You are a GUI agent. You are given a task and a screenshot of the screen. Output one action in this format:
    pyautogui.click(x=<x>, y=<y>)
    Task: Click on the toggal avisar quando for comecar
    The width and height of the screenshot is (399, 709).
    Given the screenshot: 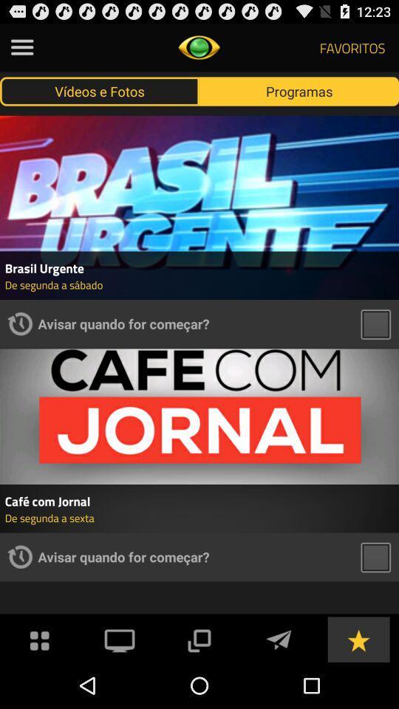 What is the action you would take?
    pyautogui.click(x=375, y=556)
    